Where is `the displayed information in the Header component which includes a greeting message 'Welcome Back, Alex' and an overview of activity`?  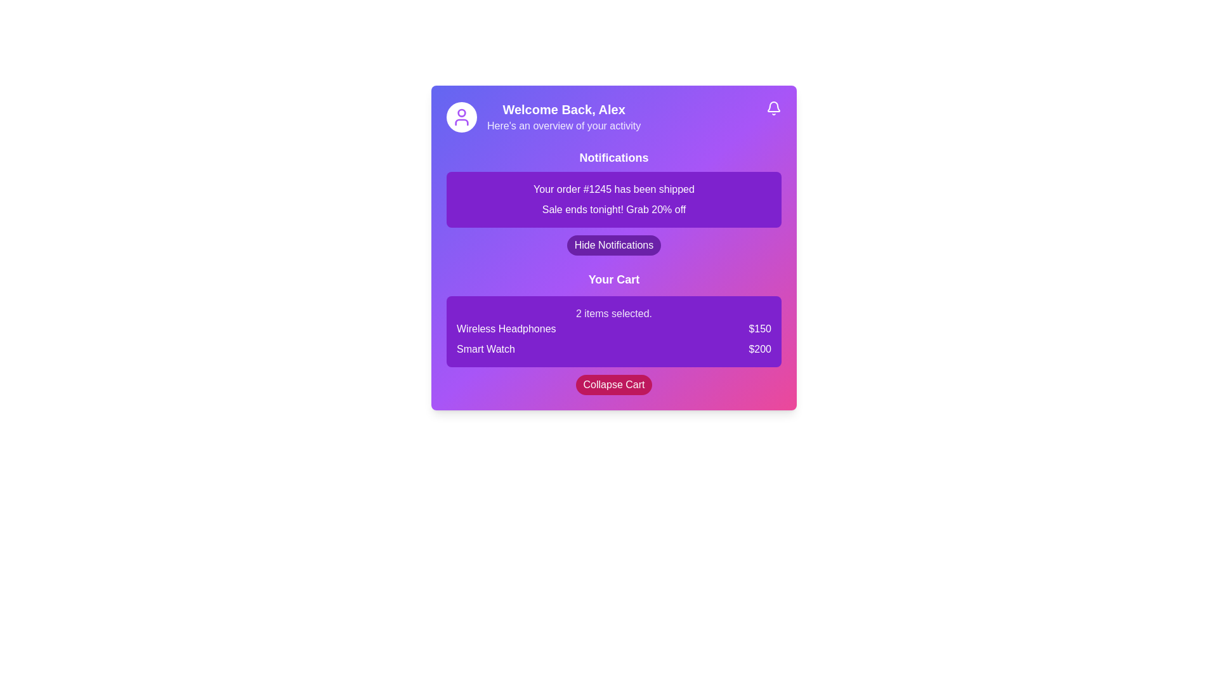 the displayed information in the Header component which includes a greeting message 'Welcome Back, Alex' and an overview of activity is located at coordinates (614, 117).